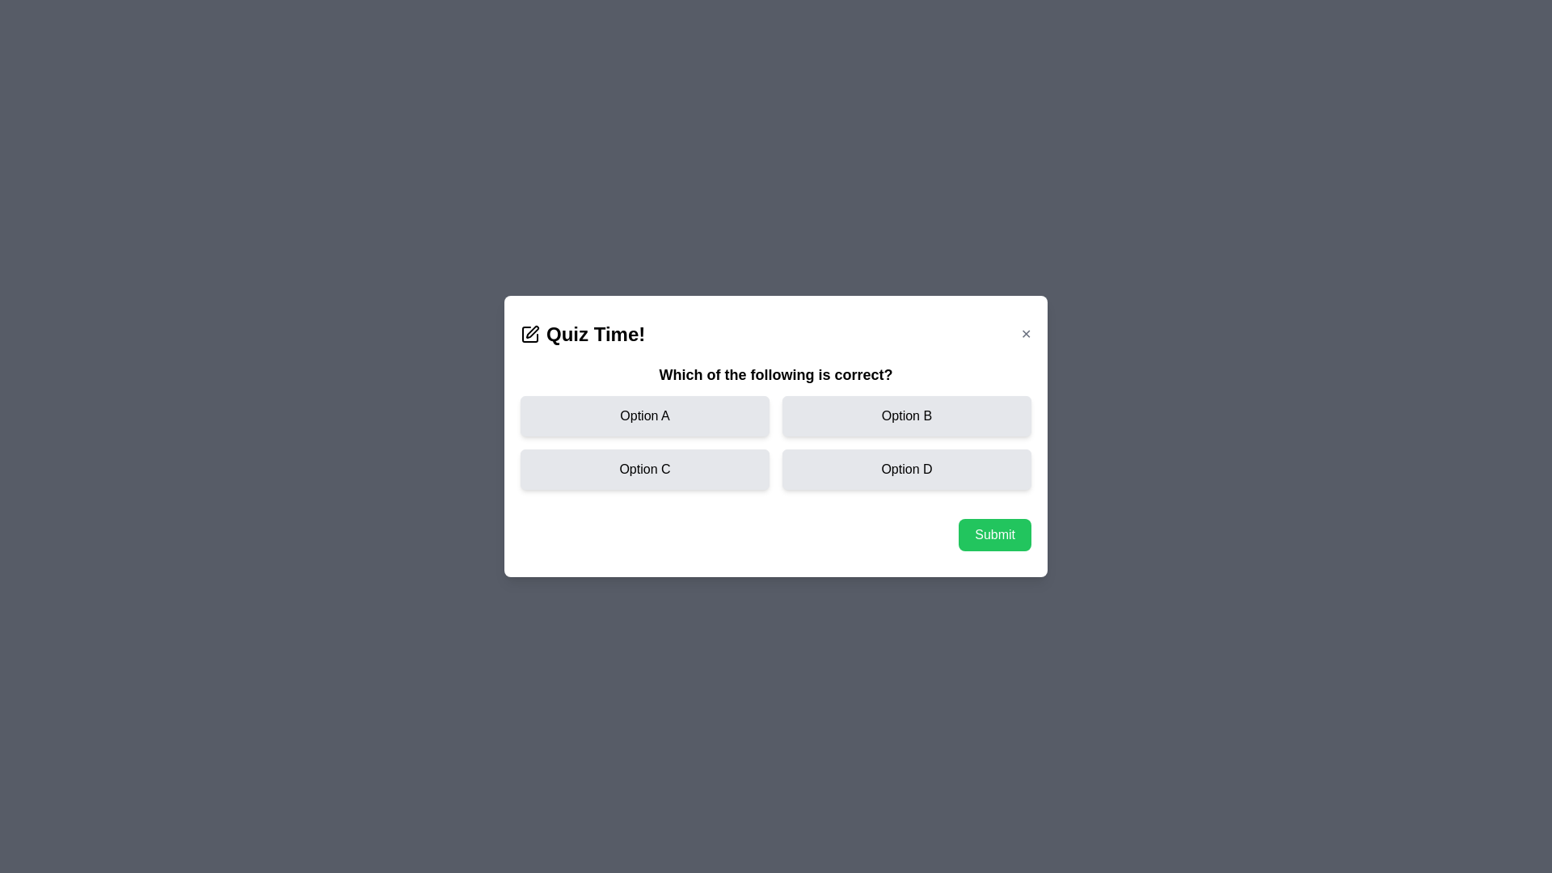  Describe the element at coordinates (1025, 333) in the screenshot. I see `the close button in the top-right corner of the dialog` at that location.